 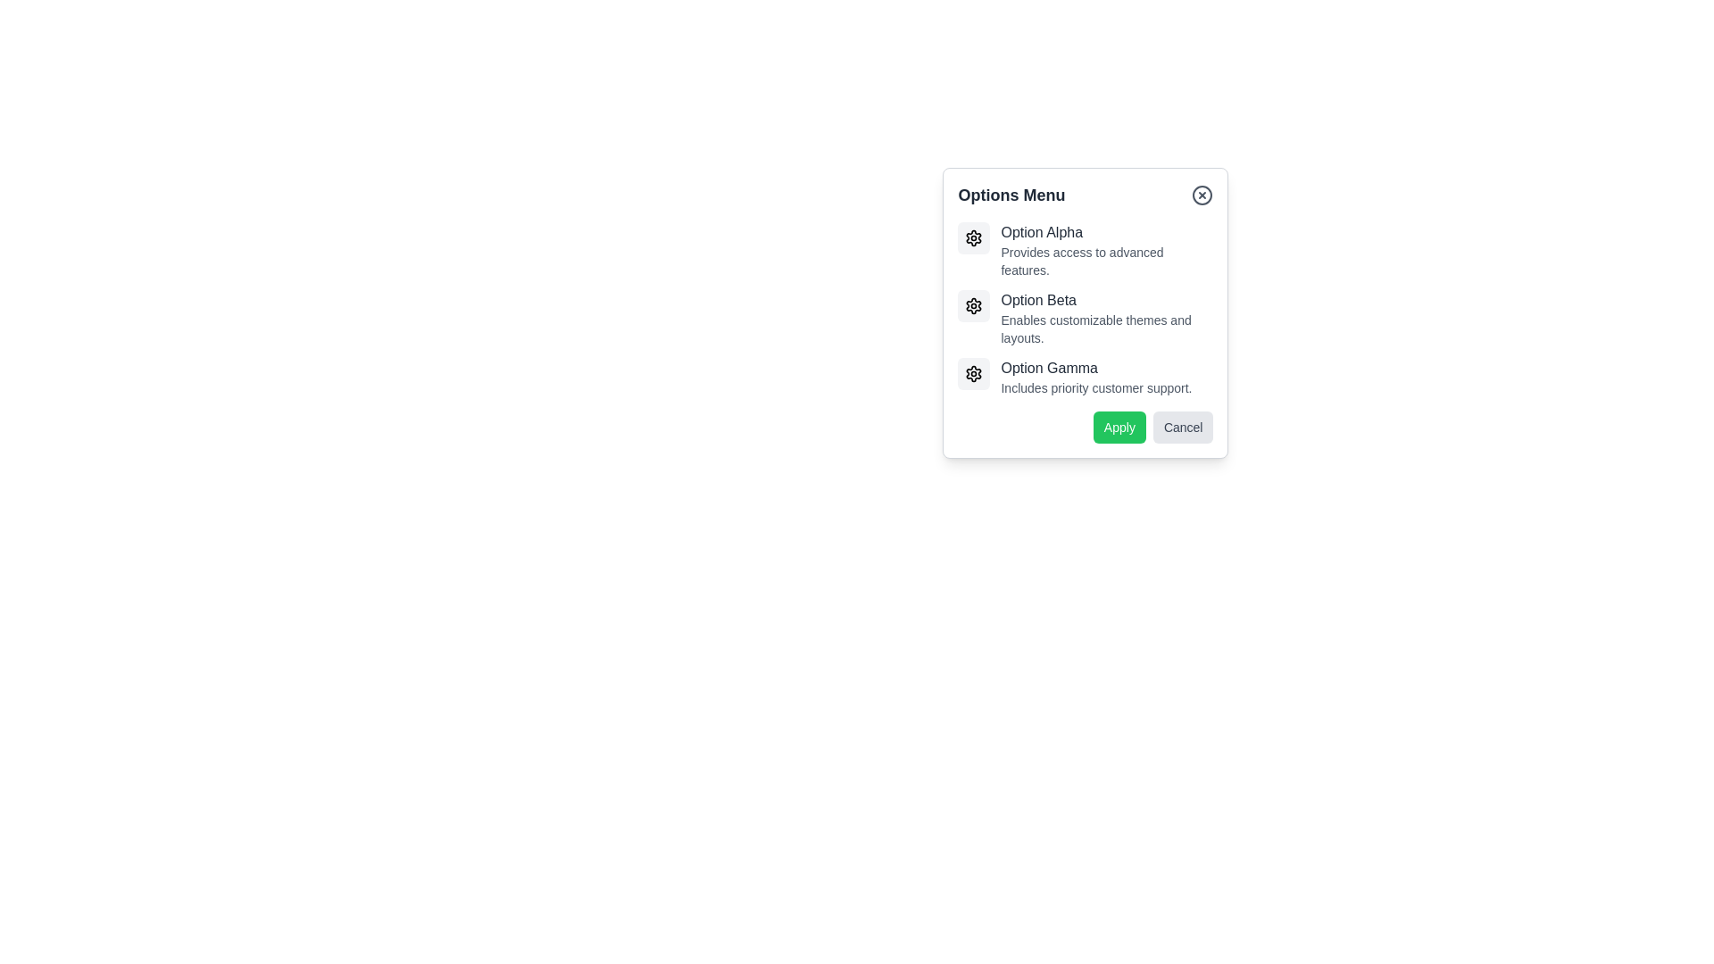 I want to click on the 'Cancel' button, which is a rectangular button with a light gray background and black text, located at the bottom-right corner of a modal dialog box, so click(x=1183, y=427).